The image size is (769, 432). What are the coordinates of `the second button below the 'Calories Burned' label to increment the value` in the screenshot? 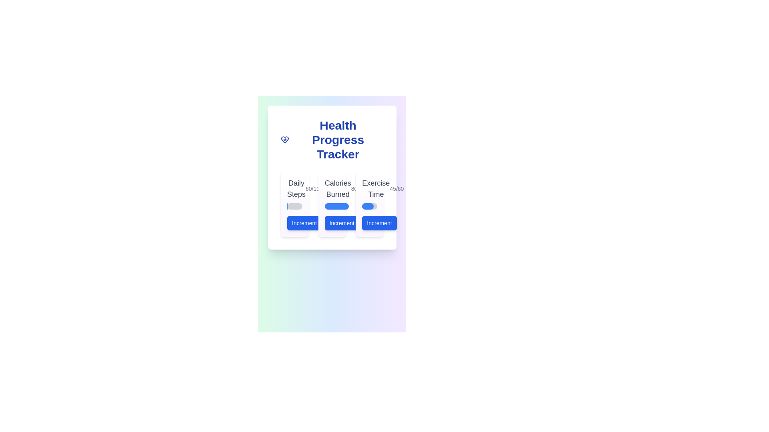 It's located at (342, 223).